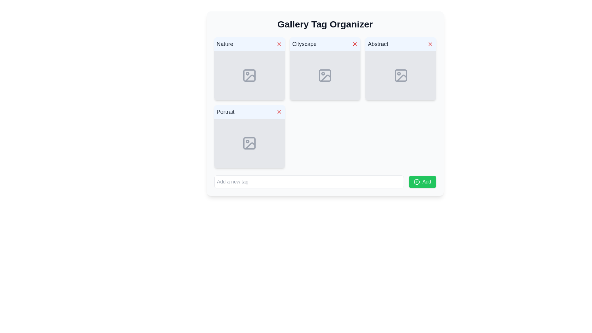 This screenshot has width=592, height=333. I want to click on the SVG Circle that represents the 'add' functionality, located at the bottom right of the interface, adjacent to the green 'Add' button, so click(417, 182).